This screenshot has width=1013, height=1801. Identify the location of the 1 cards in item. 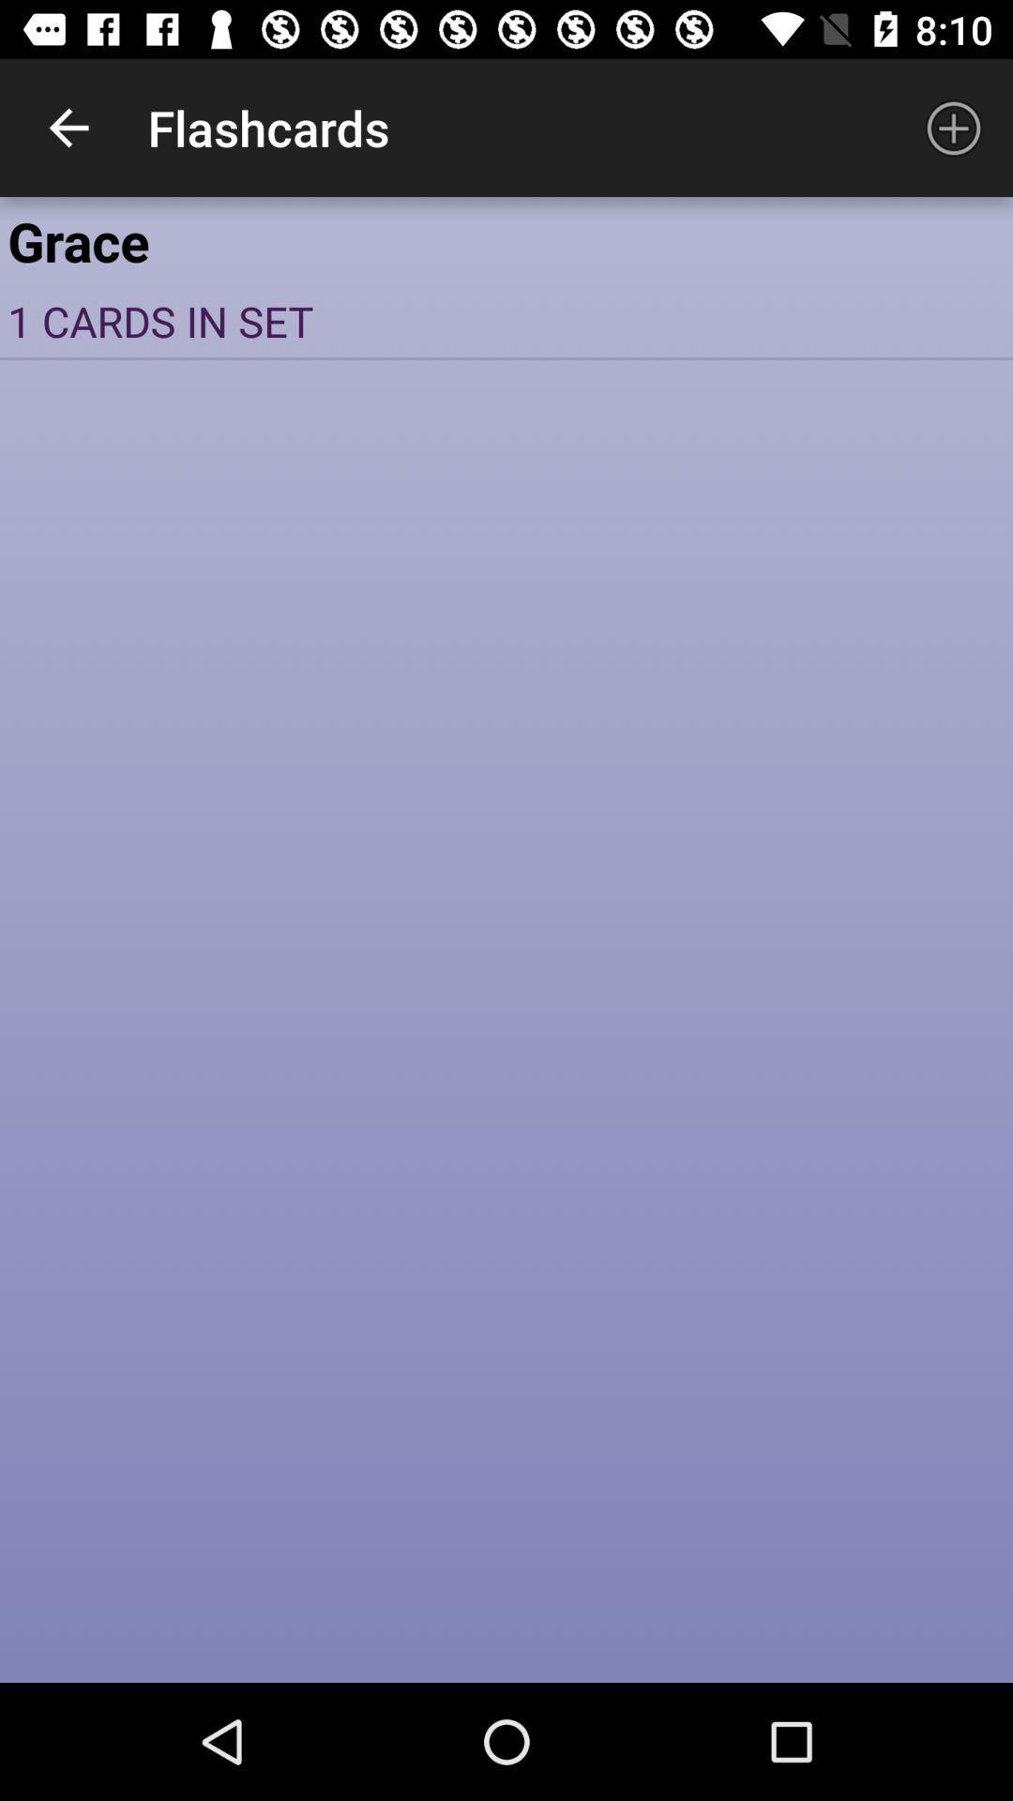
(506, 321).